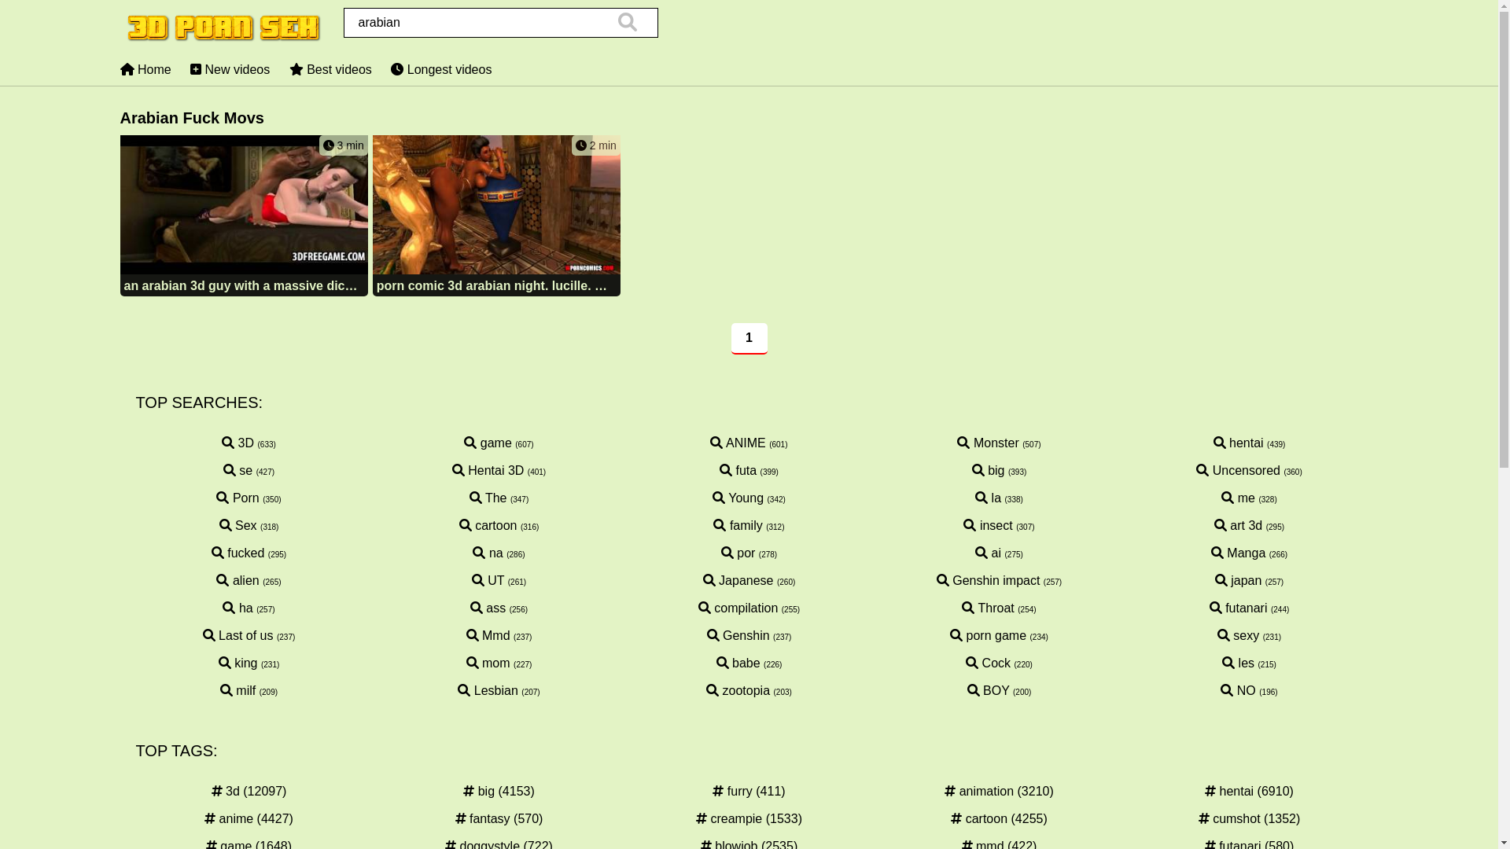  What do you see at coordinates (1237, 552) in the screenshot?
I see `'Manga'` at bounding box center [1237, 552].